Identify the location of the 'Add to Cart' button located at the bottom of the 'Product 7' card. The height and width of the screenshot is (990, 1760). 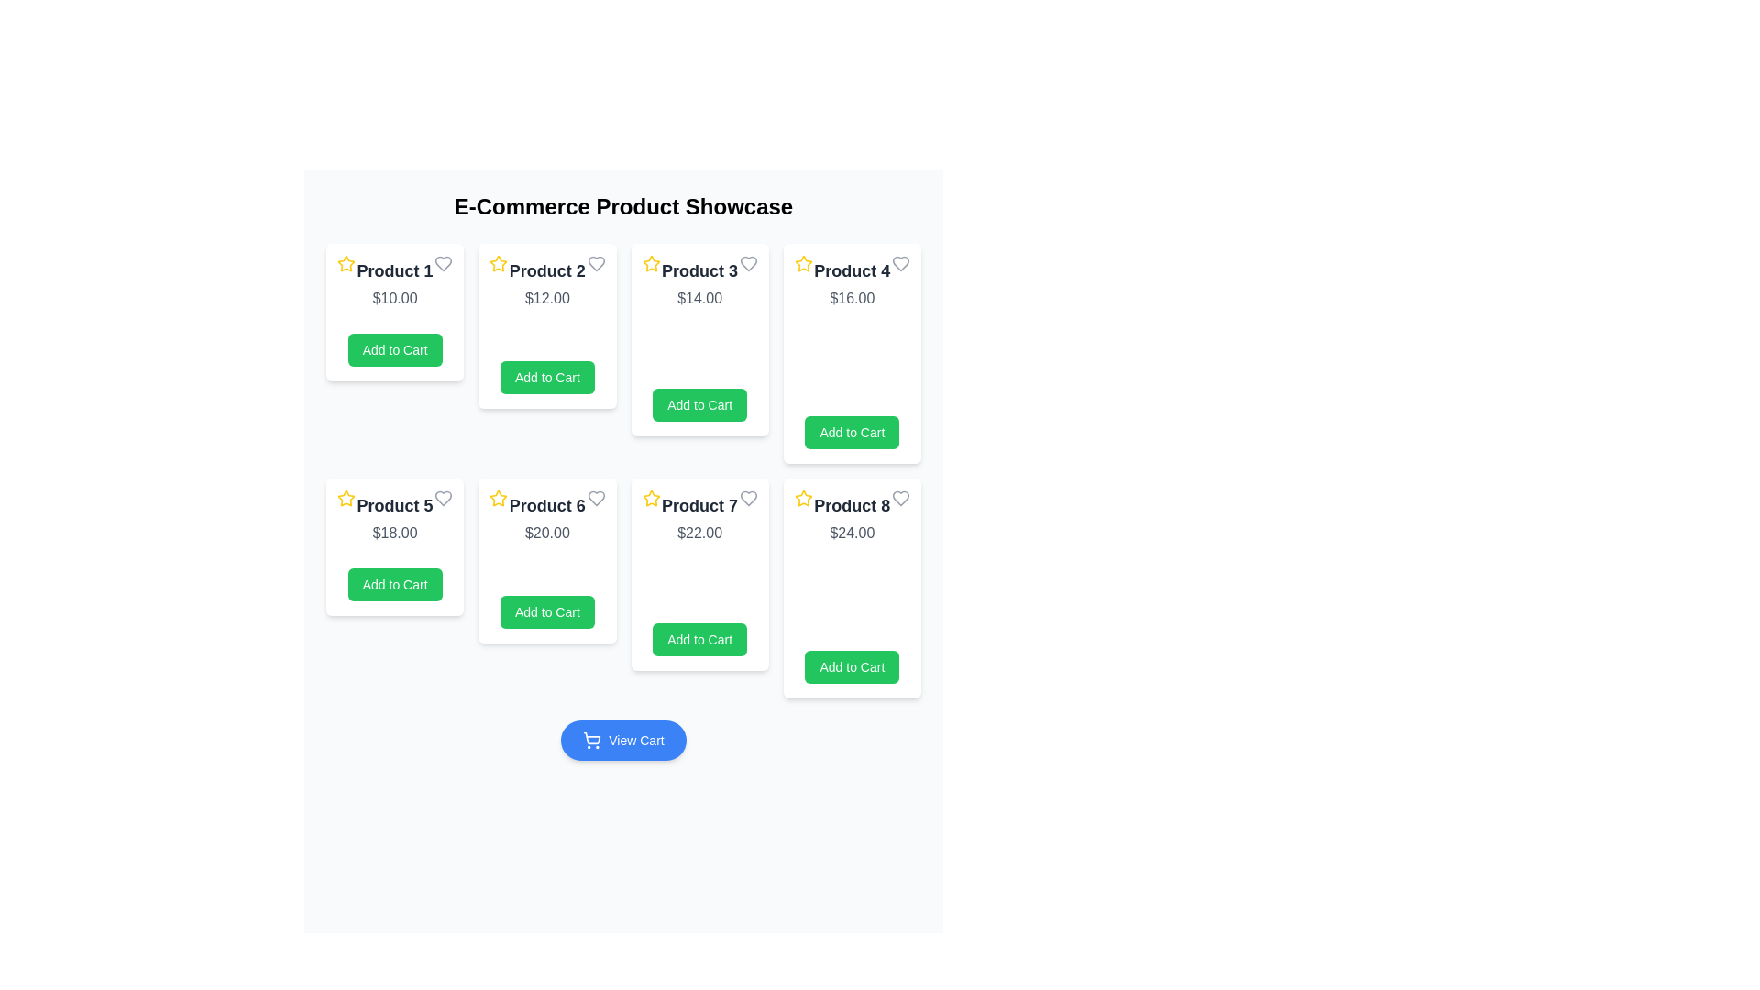
(698, 639).